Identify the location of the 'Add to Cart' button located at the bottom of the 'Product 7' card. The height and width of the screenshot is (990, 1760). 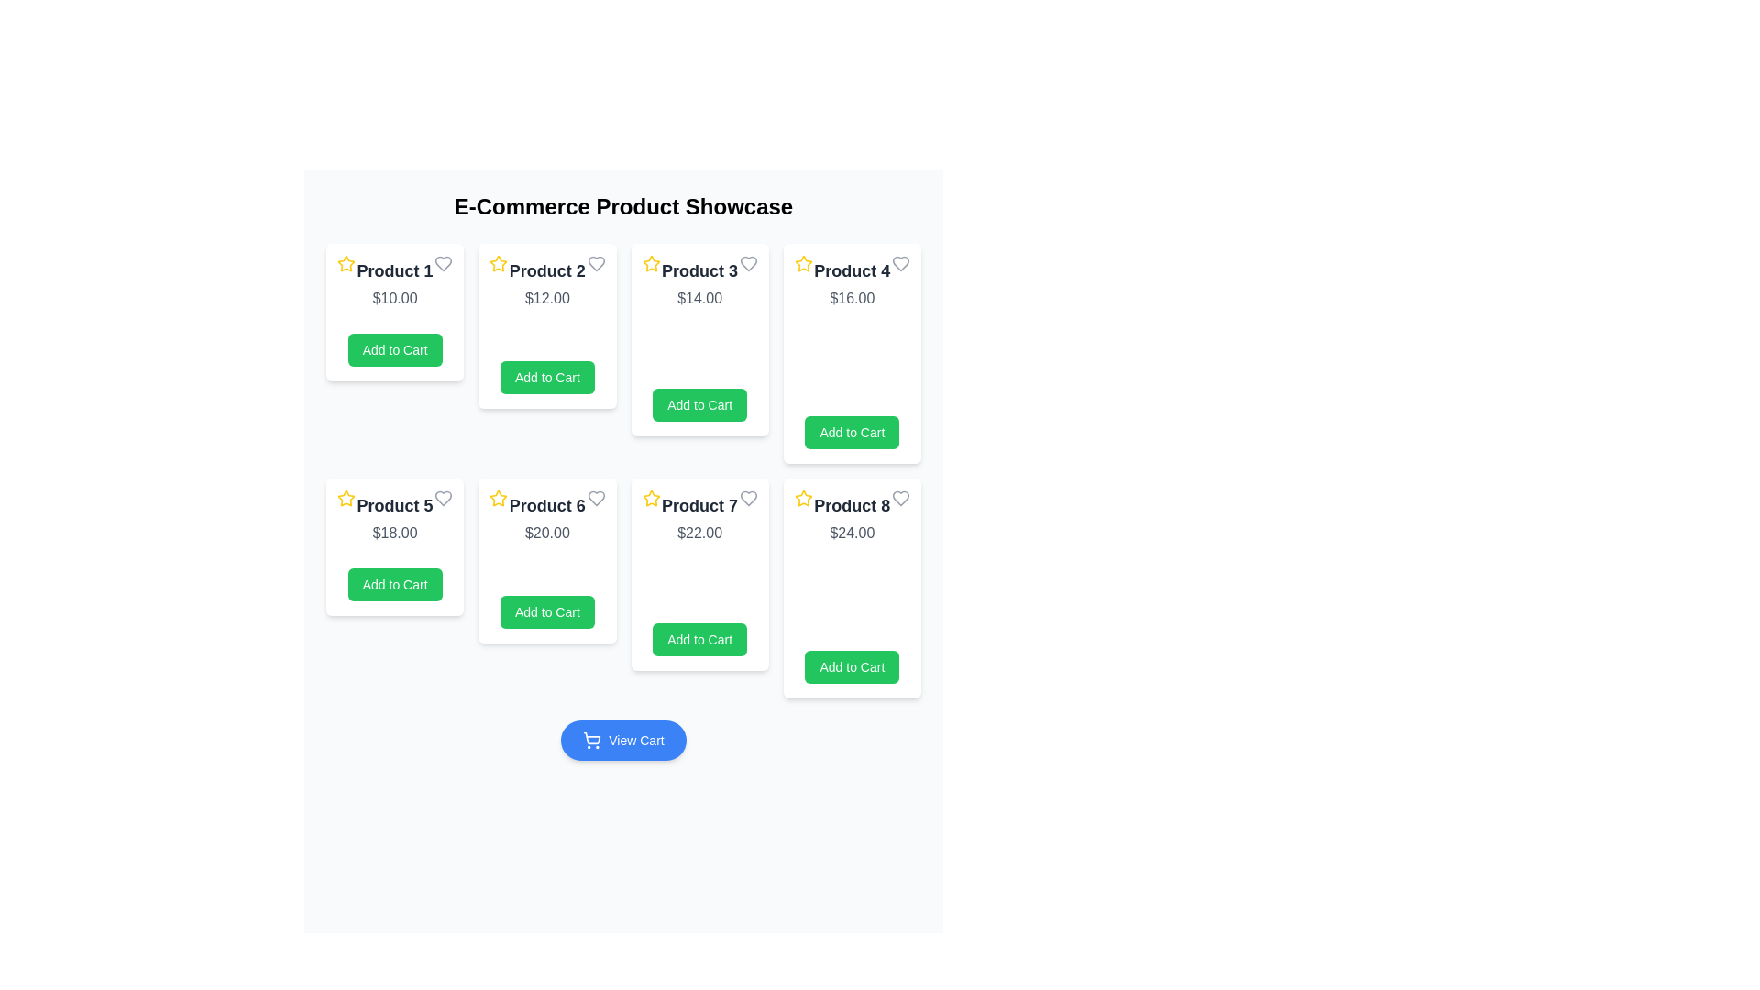
(698, 639).